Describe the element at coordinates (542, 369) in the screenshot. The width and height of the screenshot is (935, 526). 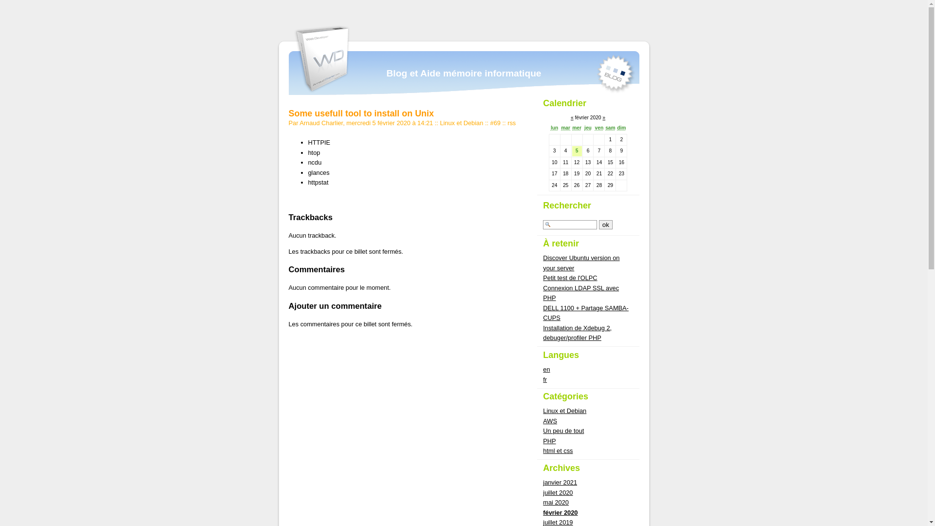
I see `'en'` at that location.